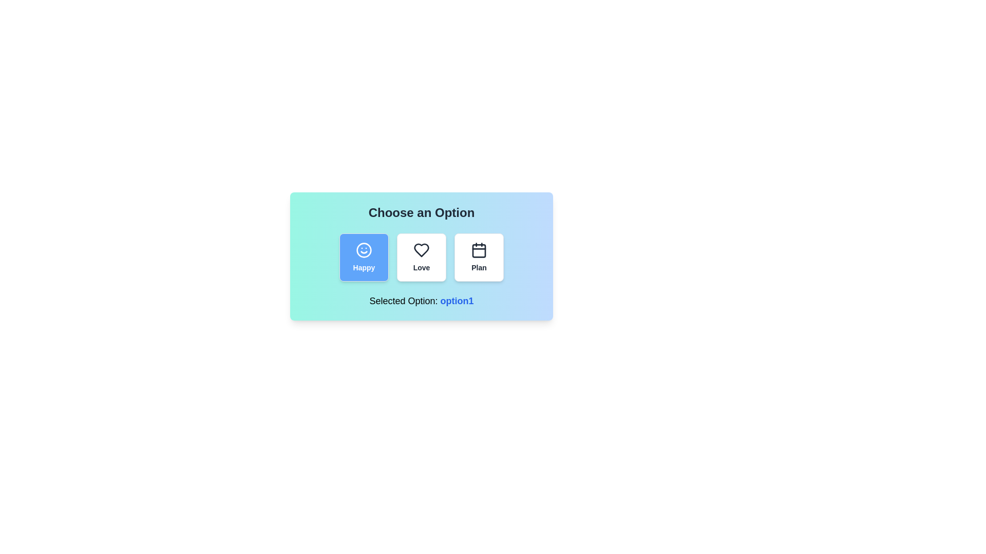 The height and width of the screenshot is (554, 986). What do you see at coordinates (364, 256) in the screenshot?
I see `the 'Happy' button in the 'Choose an Option' group` at bounding box center [364, 256].